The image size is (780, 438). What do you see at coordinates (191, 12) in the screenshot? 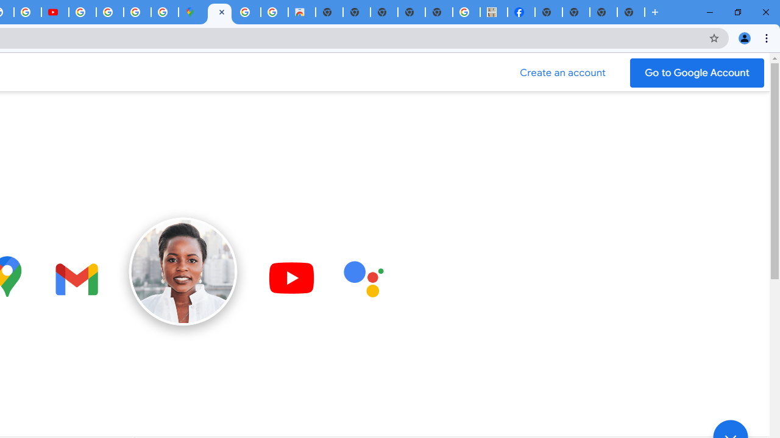
I see `'Google Maps'` at bounding box center [191, 12].